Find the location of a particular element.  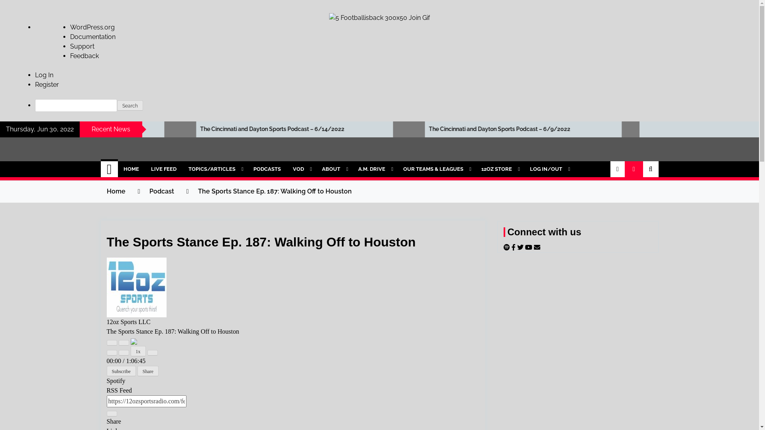

'Mute/Unmute Episode' is located at coordinates (112, 352).